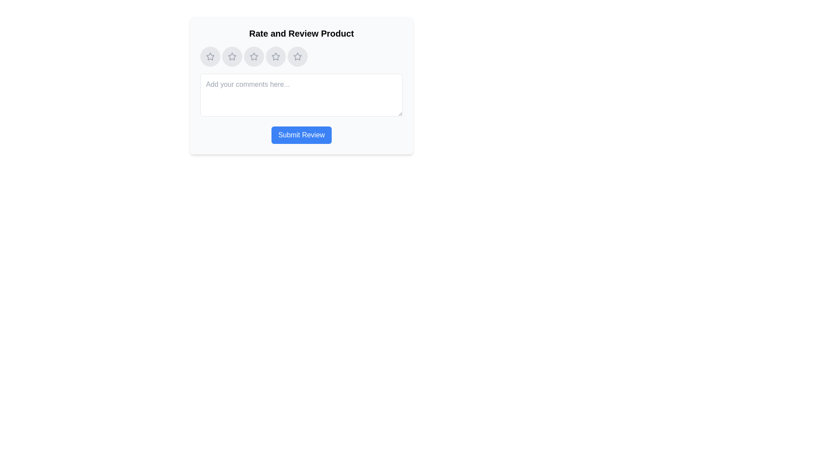 The width and height of the screenshot is (838, 471). Describe the element at coordinates (302, 57) in the screenshot. I see `the fifth star-rating button to set the rating to five stars, highlighting this star and all previous ones` at that location.